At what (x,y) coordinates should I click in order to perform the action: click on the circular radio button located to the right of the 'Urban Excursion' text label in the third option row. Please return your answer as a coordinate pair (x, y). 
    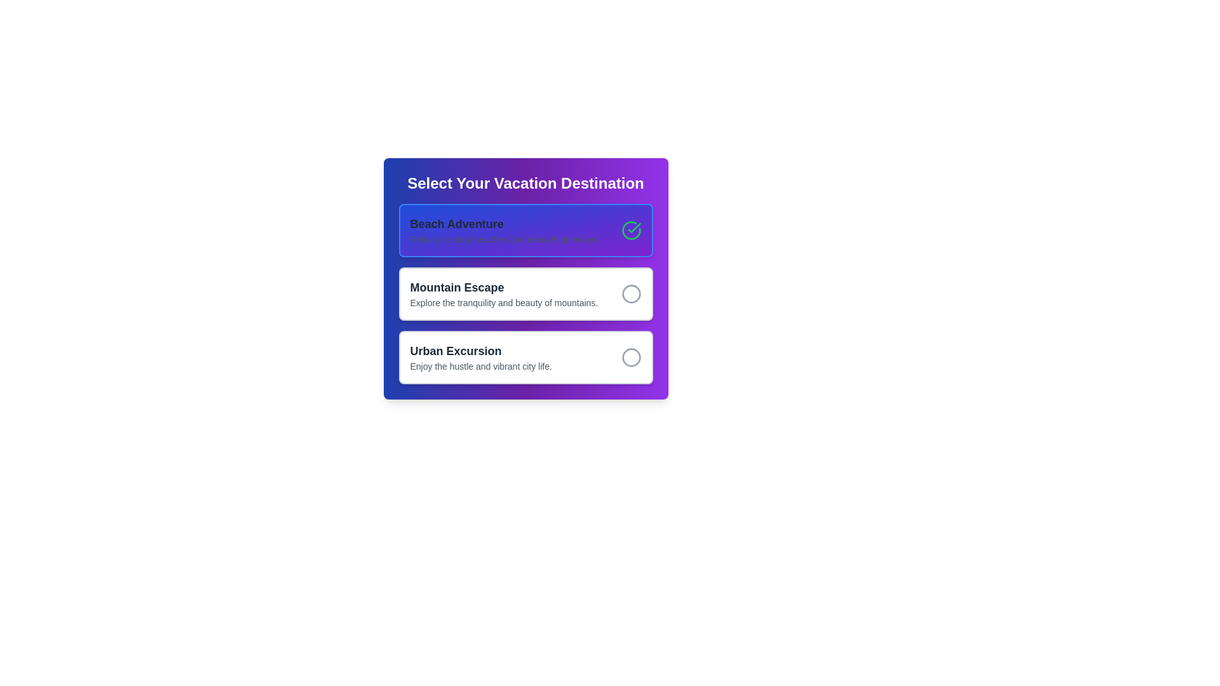
    Looking at the image, I should click on (631, 358).